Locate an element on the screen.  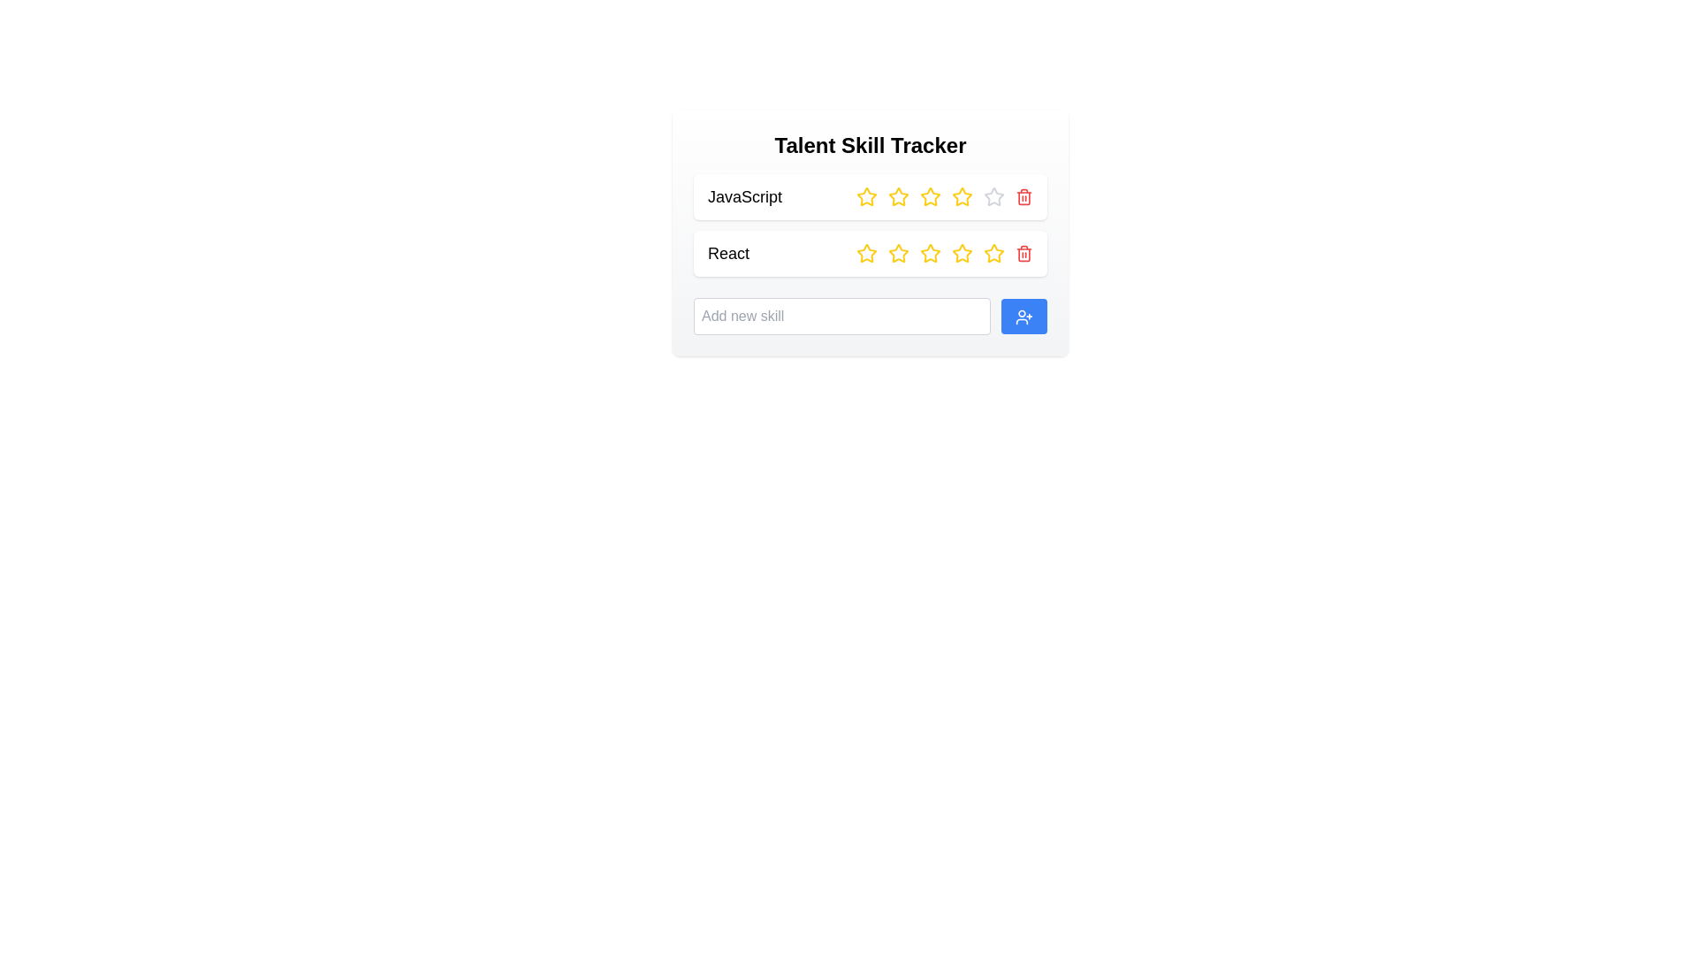
the third yellow star-shaped icon representing the 'React' skill in the Talent Skill Tracker interface is located at coordinates (962, 253).